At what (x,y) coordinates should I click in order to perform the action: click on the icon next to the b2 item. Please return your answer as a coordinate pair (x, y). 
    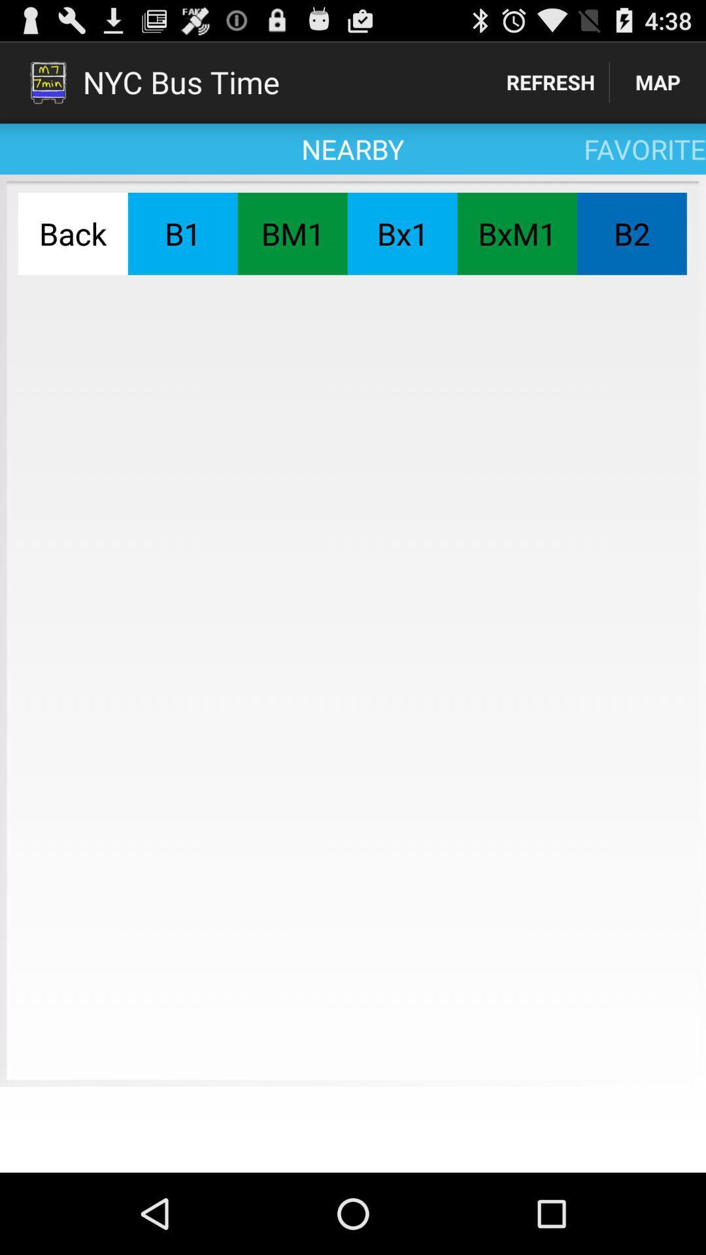
    Looking at the image, I should click on (516, 233).